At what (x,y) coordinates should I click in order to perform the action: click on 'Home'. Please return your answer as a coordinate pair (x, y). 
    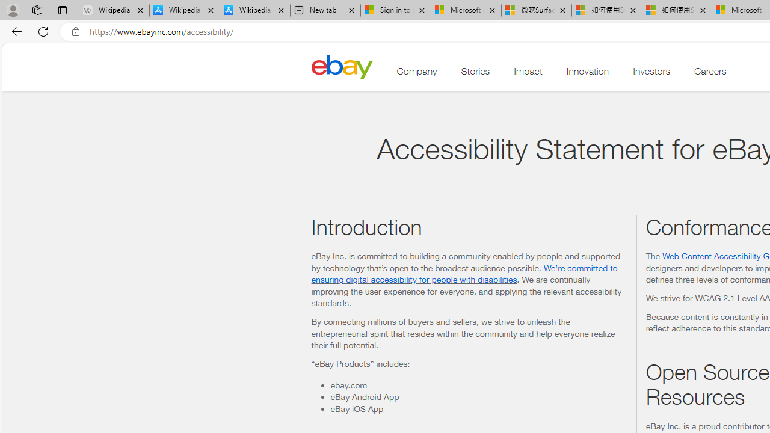
    Looking at the image, I should click on (341, 67).